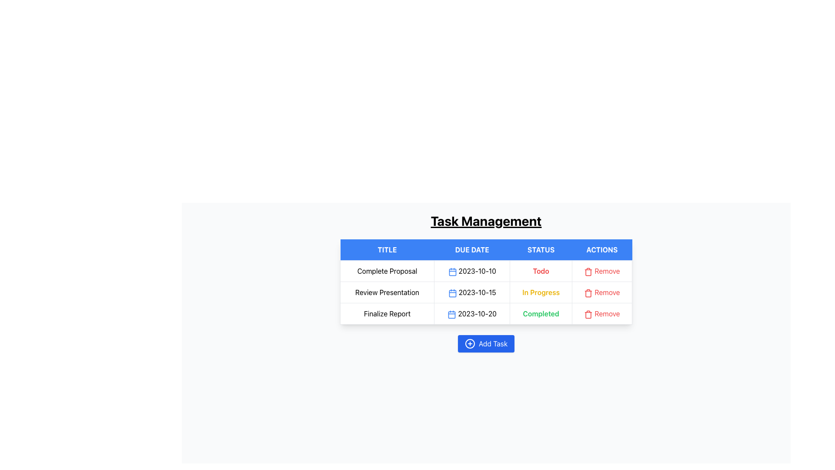 The image size is (835, 470). I want to click on the due date icon located in the 'Finalize Report' row under the 'Due Date' column to potentially open a calendar or provide date details, so click(452, 314).